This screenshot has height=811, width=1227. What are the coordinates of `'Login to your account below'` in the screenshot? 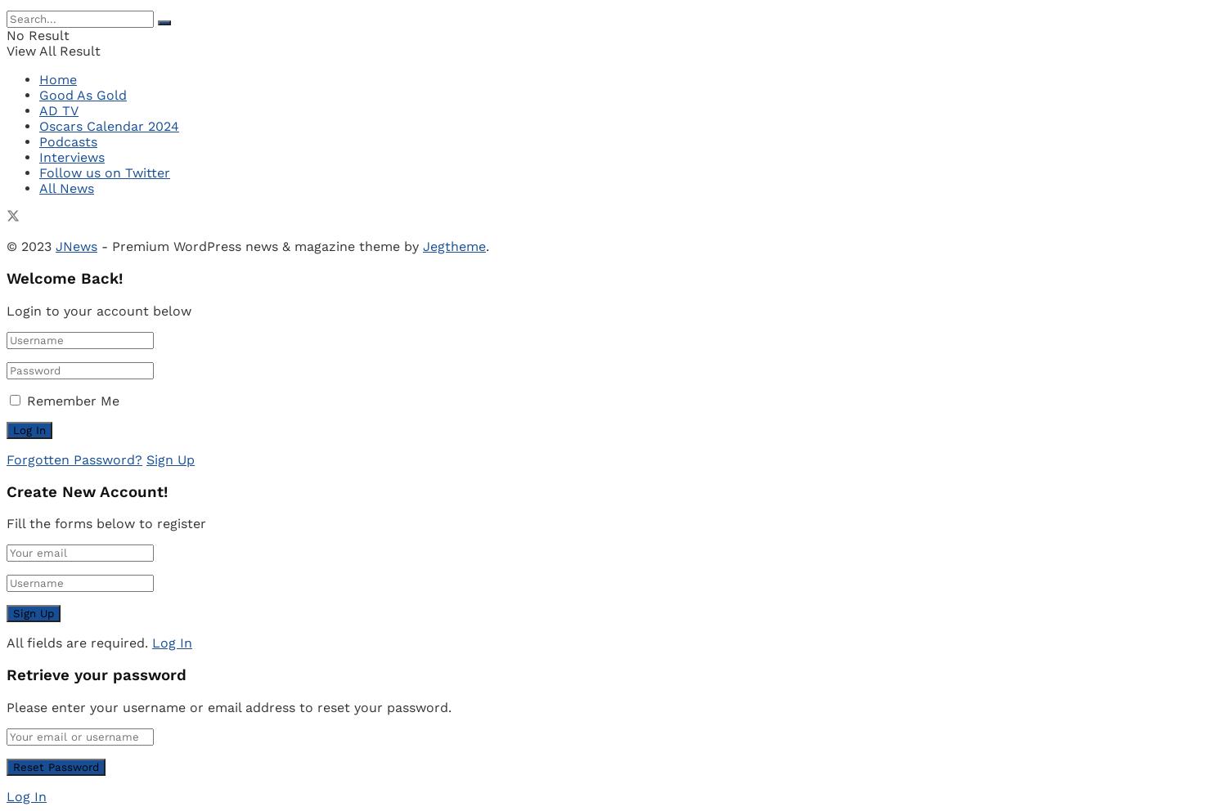 It's located at (98, 310).